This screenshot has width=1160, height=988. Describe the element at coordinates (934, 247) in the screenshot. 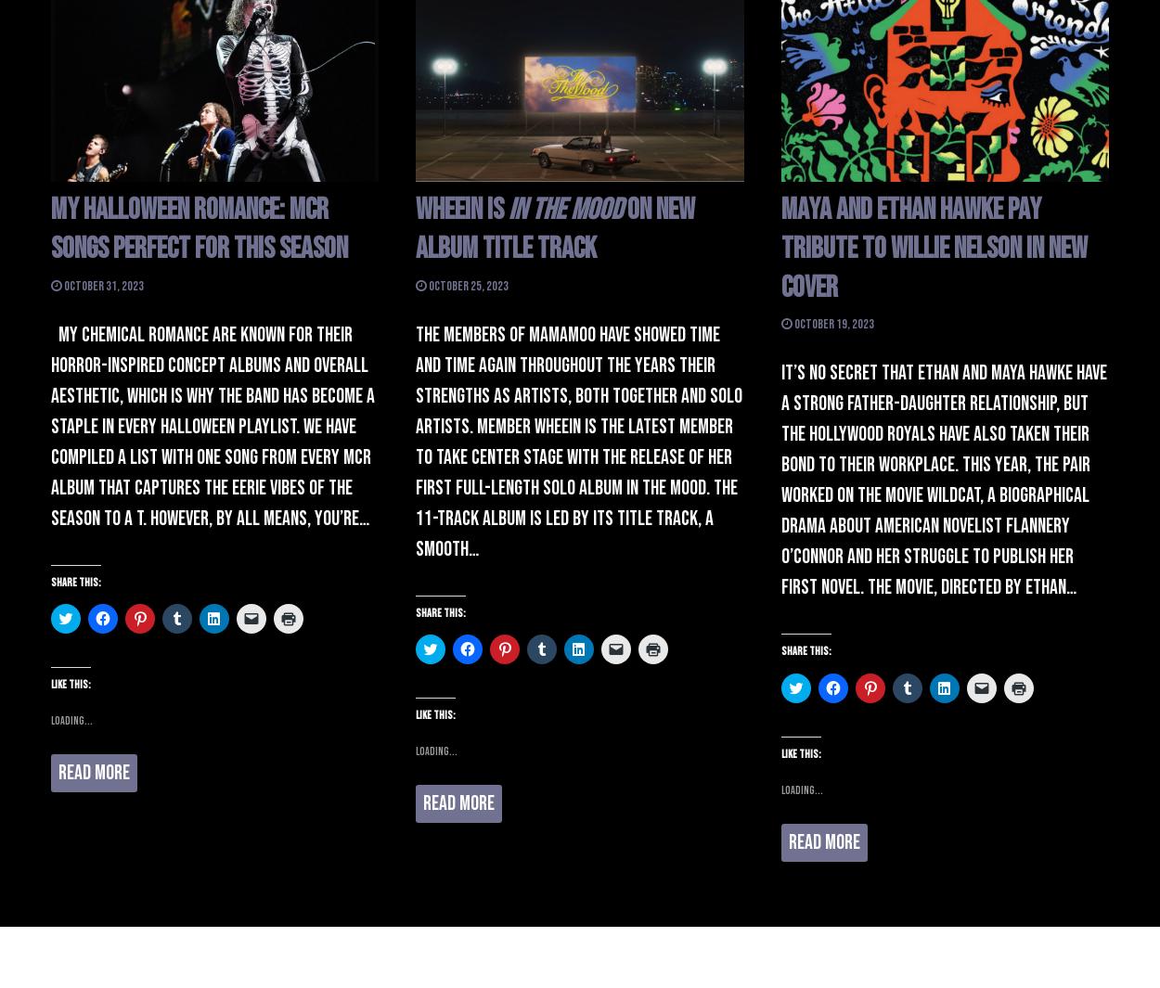

I see `'Maya and Ethan Hawke Pay Tribute to Willie Nelson in New Cover'` at that location.